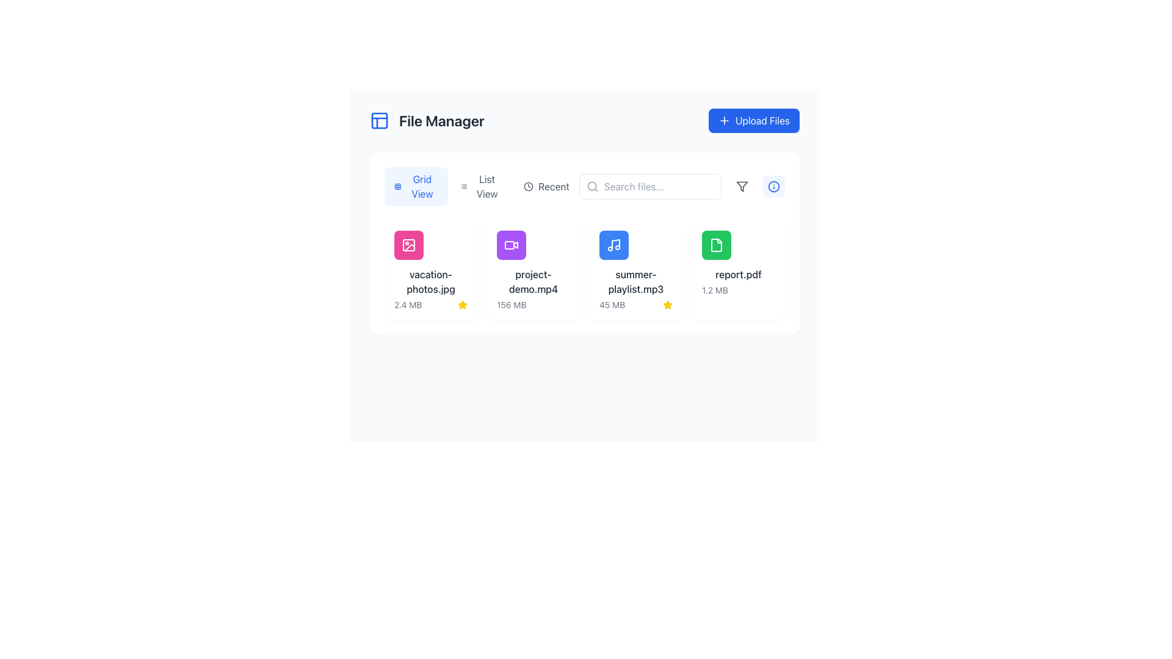  I want to click on the share button on the interactive control panel located at the bottom of the 'report.pdf' file item in the grid view to share the file, so click(737, 303).